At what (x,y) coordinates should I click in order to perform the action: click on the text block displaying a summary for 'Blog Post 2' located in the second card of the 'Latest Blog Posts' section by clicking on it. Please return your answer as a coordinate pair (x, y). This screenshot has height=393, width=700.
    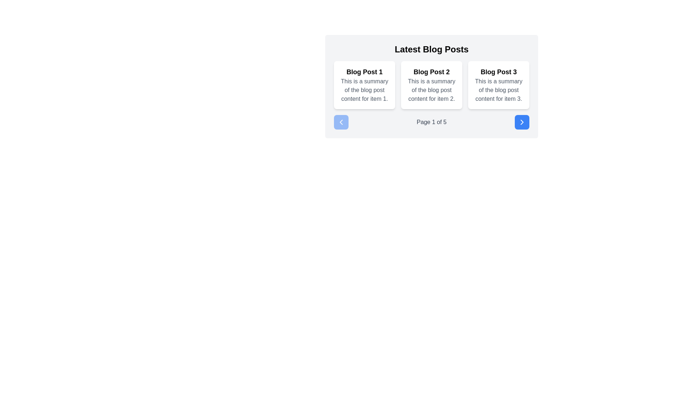
    Looking at the image, I should click on (432, 90).